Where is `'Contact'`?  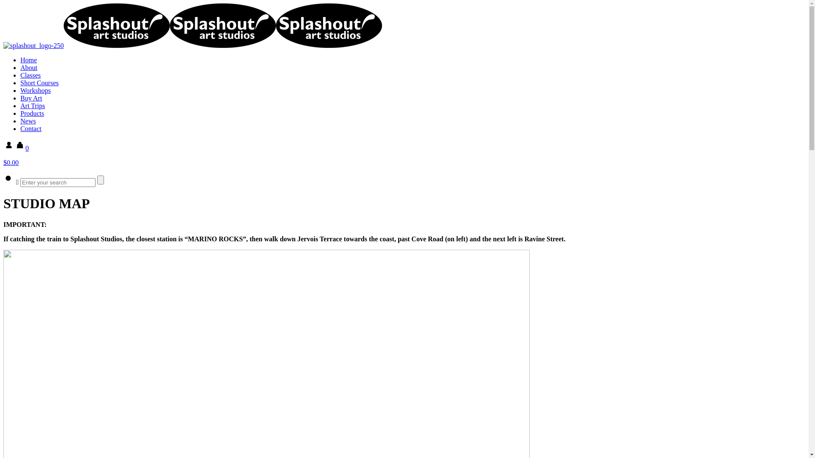 'Contact' is located at coordinates (20, 128).